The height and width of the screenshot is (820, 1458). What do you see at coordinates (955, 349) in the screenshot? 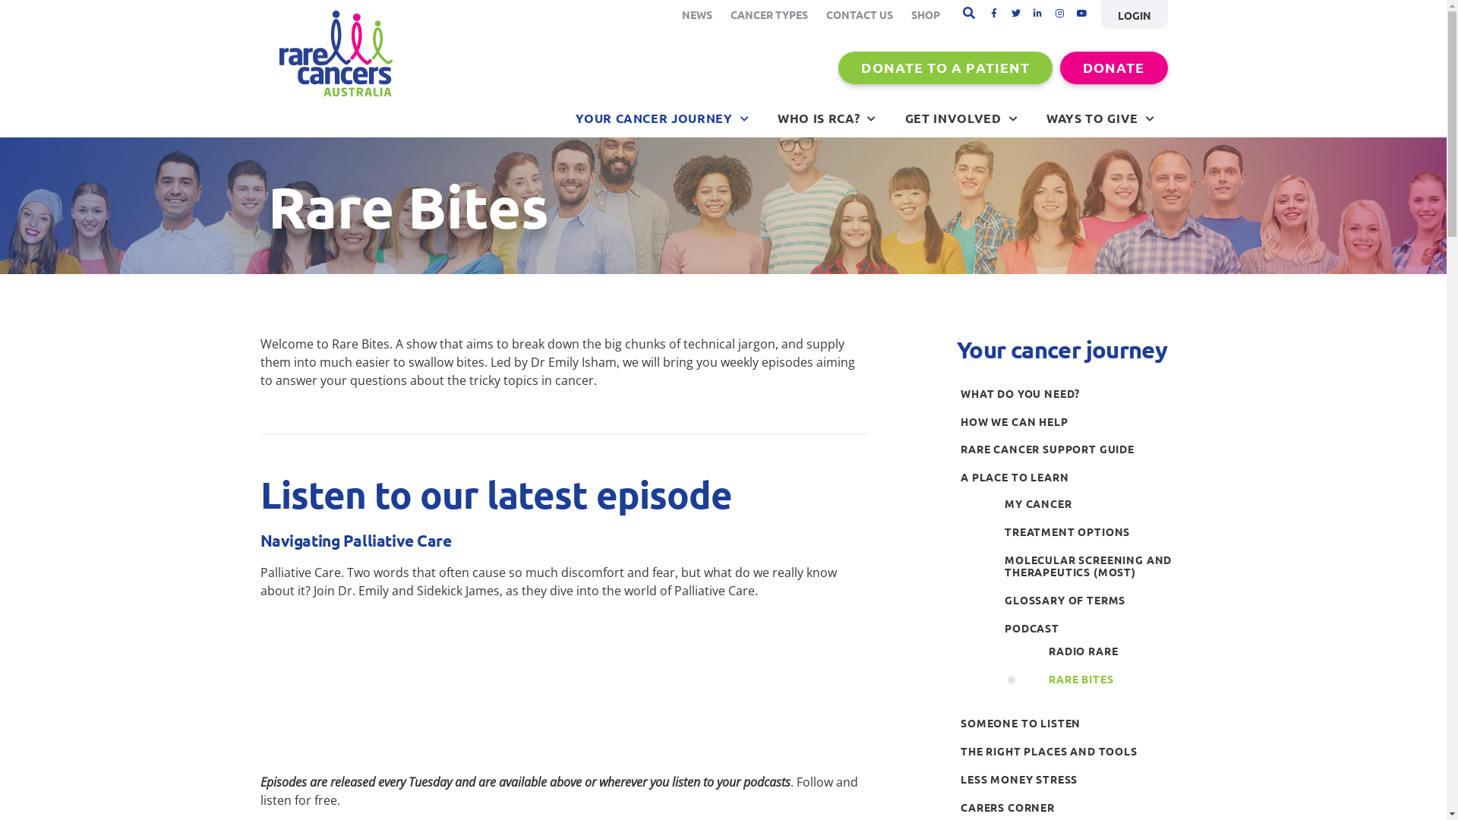
I see `'Your cancer journey'` at bounding box center [955, 349].